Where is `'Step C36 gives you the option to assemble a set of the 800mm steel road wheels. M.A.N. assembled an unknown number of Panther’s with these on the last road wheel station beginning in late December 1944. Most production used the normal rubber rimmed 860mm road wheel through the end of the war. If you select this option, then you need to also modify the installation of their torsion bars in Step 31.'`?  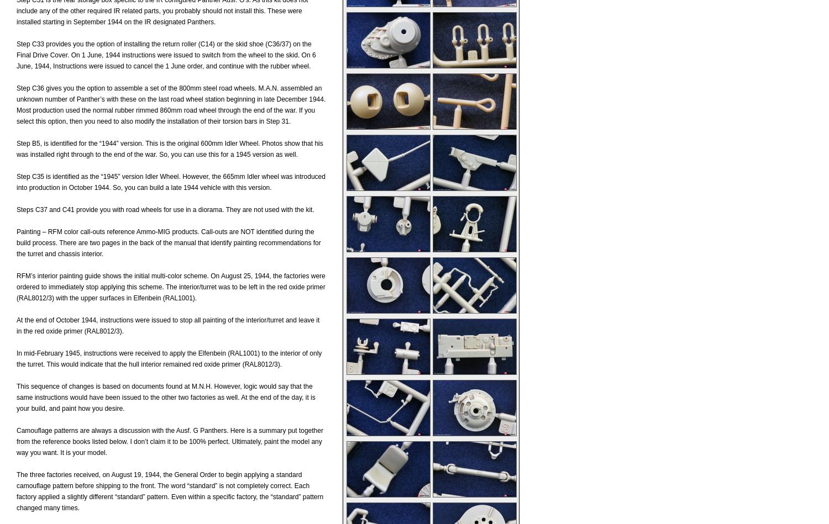 'Step C36 gives you the option to assemble a set of the 800mm steel road wheels. M.A.N. assembled an unknown number of Panther’s with these on the last road wheel station beginning in late December 1944. Most production used the normal rubber rimmed 860mm road wheel through the end of the war. If you select this option, then you need to also modify the installation of their torsion bars in Step 31.' is located at coordinates (171, 104).